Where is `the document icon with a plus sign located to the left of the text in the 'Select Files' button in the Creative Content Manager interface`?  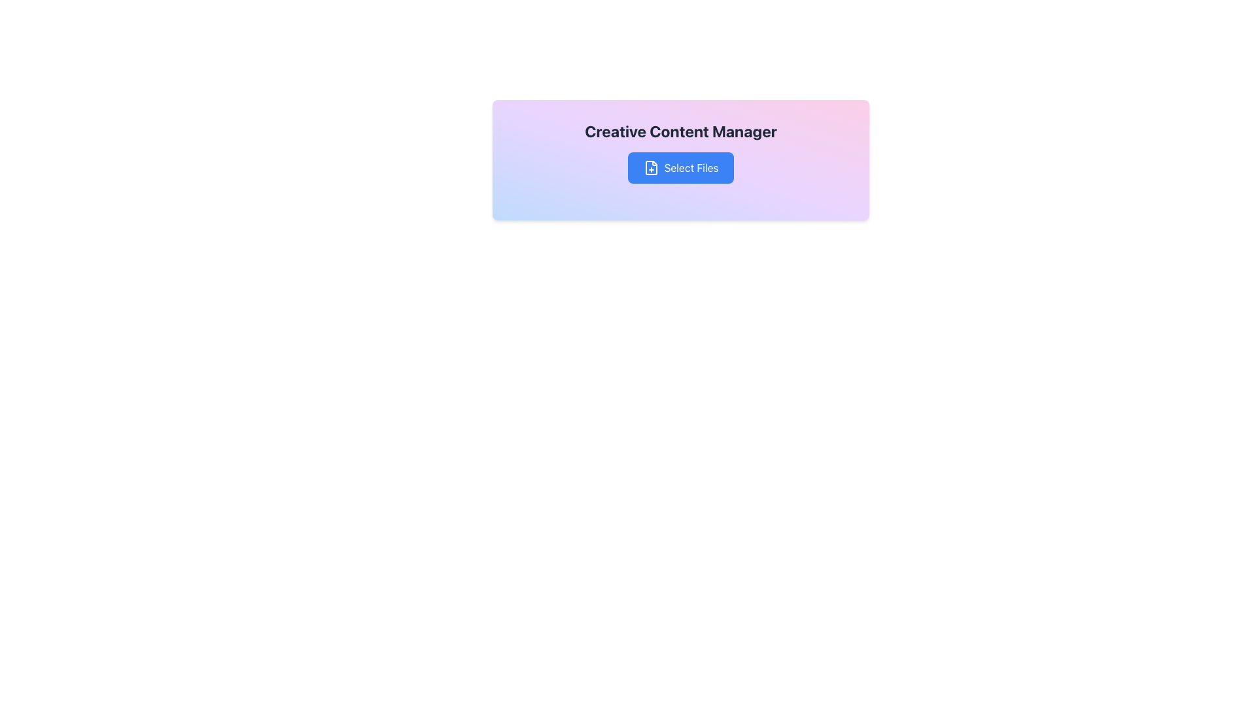
the document icon with a plus sign located to the left of the text in the 'Select Files' button in the Creative Content Manager interface is located at coordinates (651, 167).